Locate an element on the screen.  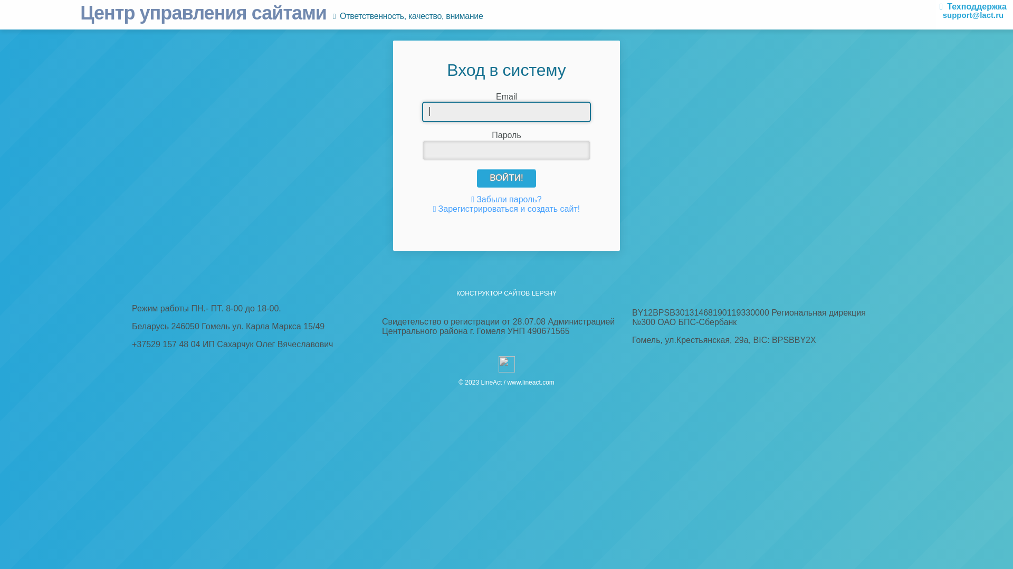
'LiveInternet' is located at coordinates (505, 364).